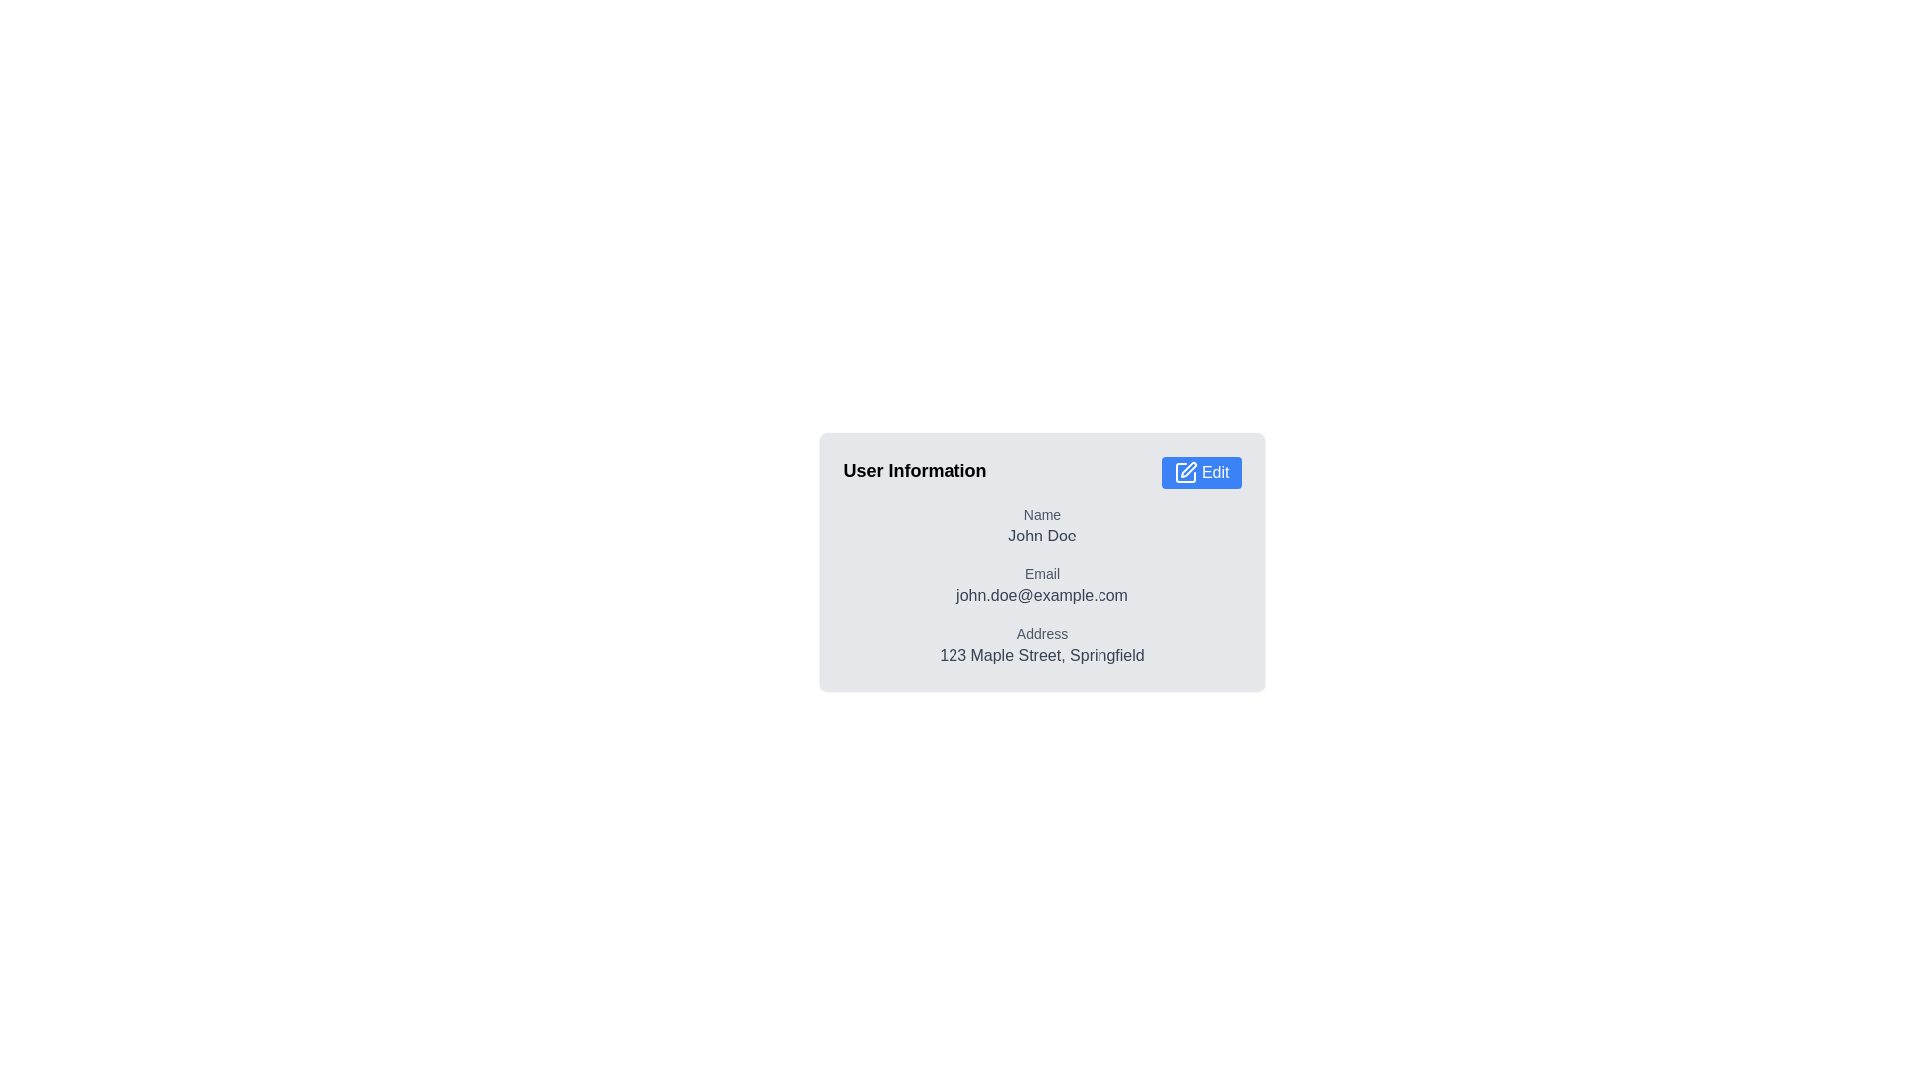 This screenshot has width=1907, height=1073. Describe the element at coordinates (1041, 513) in the screenshot. I see `the label indicating the user's name, which is located above the text 'John Doe'` at that location.